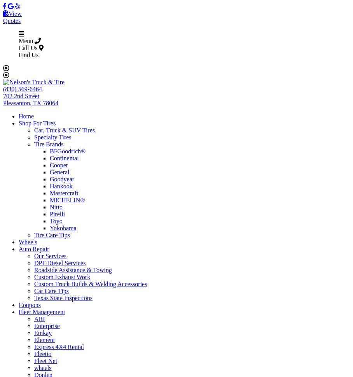  Describe the element at coordinates (63, 298) in the screenshot. I see `'Texas State Inspections'` at that location.